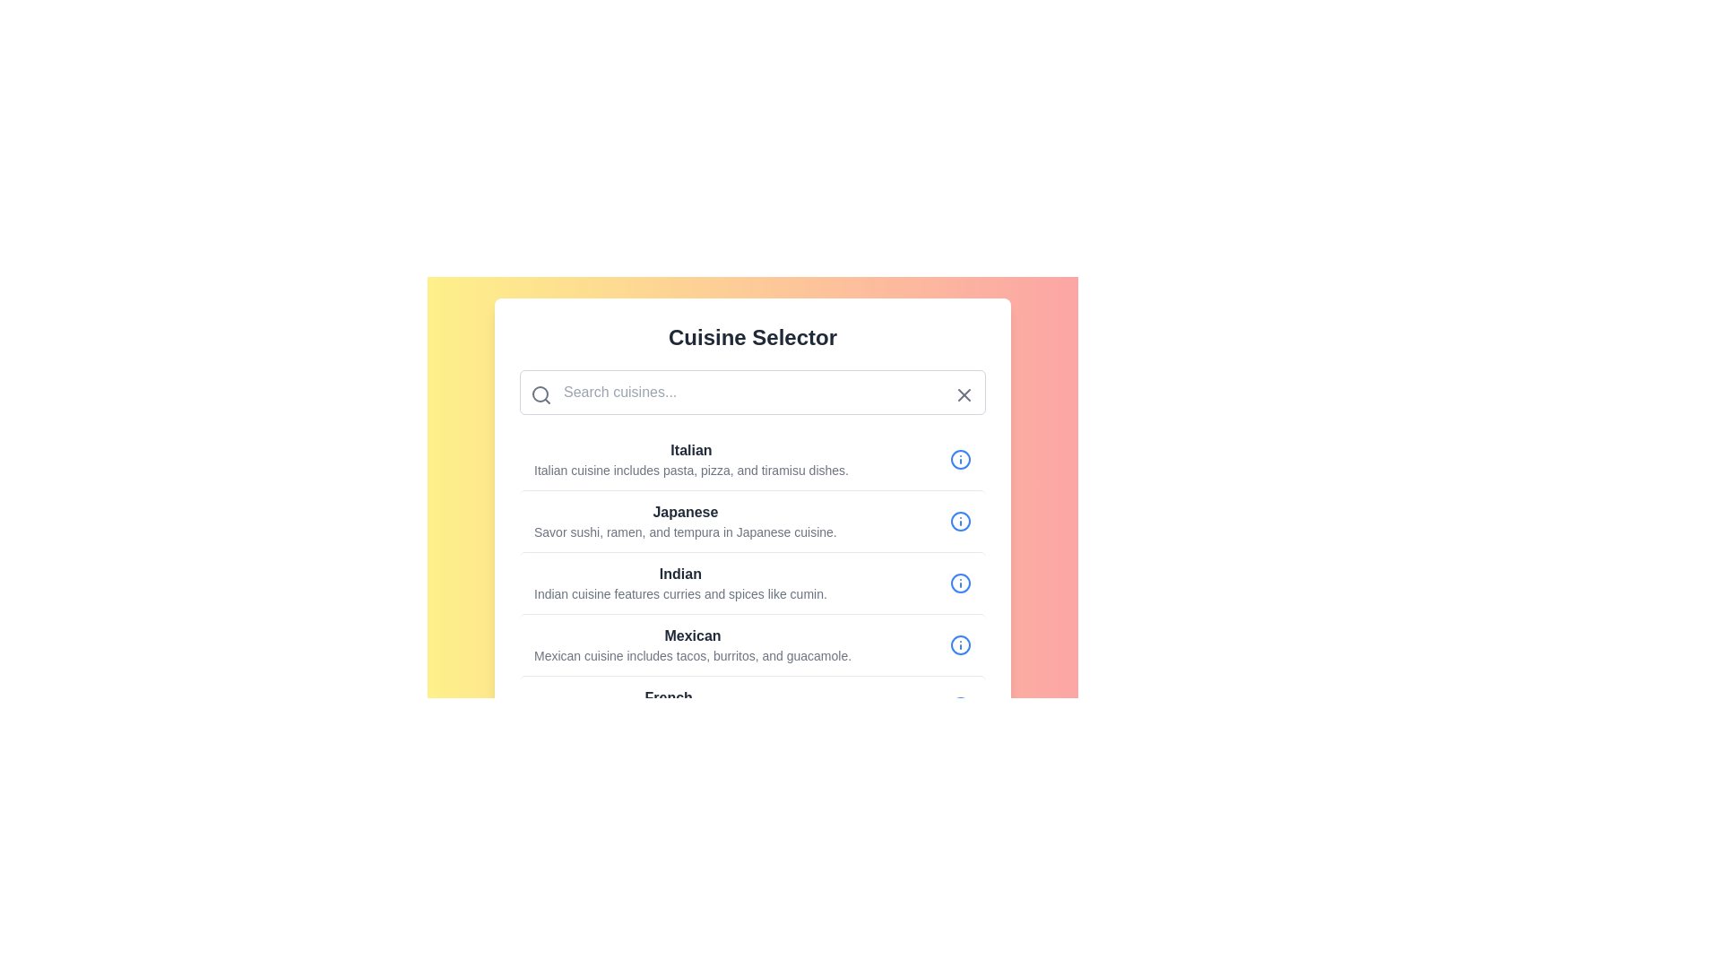  What do you see at coordinates (753, 583) in the screenshot?
I see `the list item titled 'Indian', which describes Indian cuisine and contains an information icon` at bounding box center [753, 583].